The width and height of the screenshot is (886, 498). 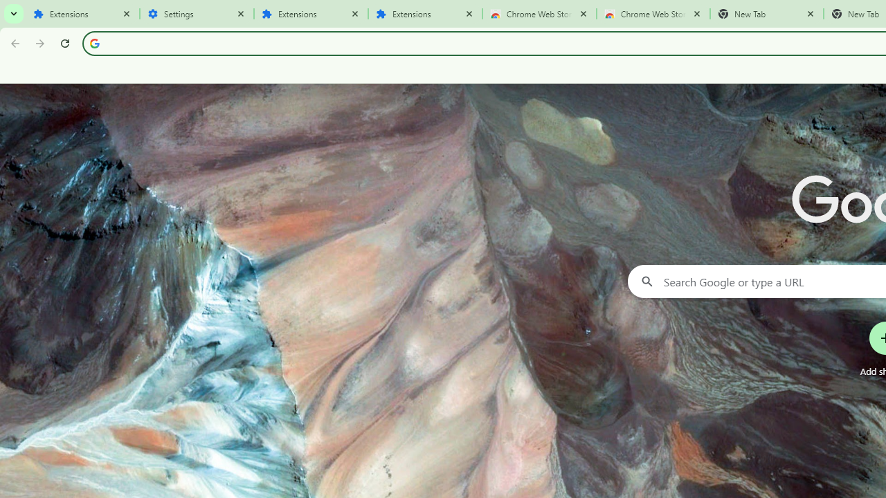 I want to click on 'Extensions', so click(x=82, y=14).